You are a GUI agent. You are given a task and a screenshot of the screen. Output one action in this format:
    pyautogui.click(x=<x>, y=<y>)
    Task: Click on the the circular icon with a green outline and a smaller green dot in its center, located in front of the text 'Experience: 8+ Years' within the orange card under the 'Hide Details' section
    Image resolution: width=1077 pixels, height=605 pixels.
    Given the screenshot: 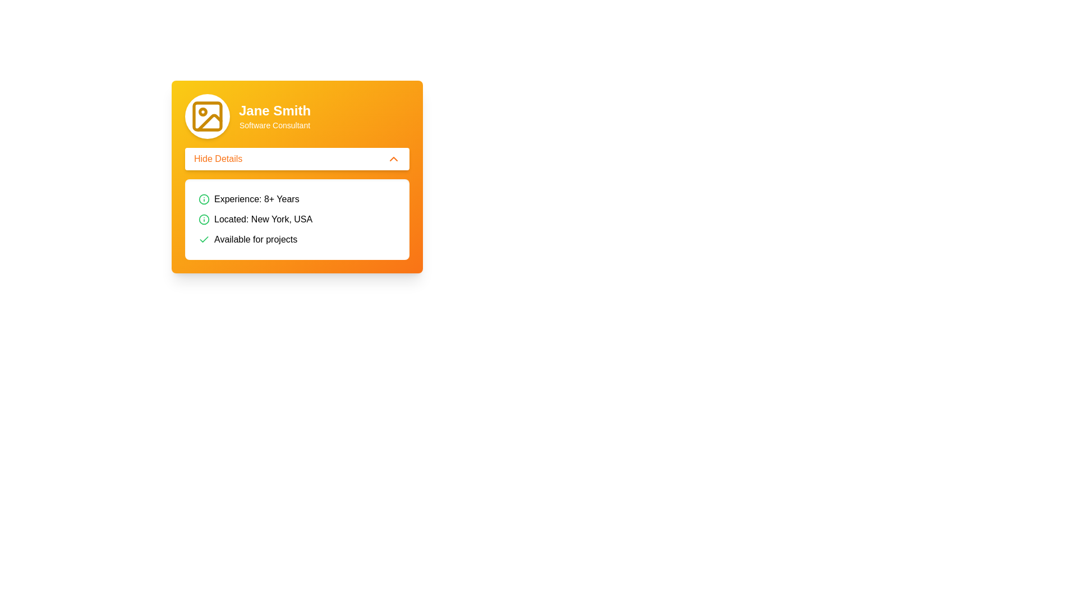 What is the action you would take?
    pyautogui.click(x=204, y=198)
    